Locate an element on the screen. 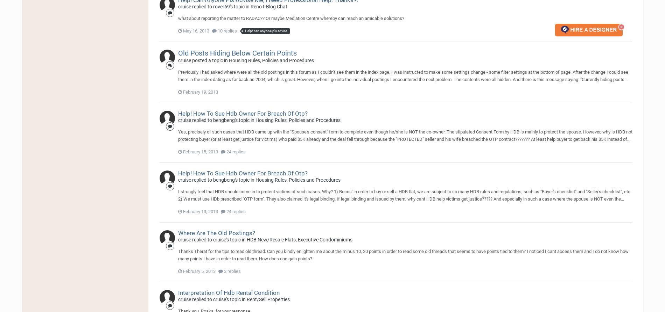  'Where Are The Old Postings?' is located at coordinates (216, 232).